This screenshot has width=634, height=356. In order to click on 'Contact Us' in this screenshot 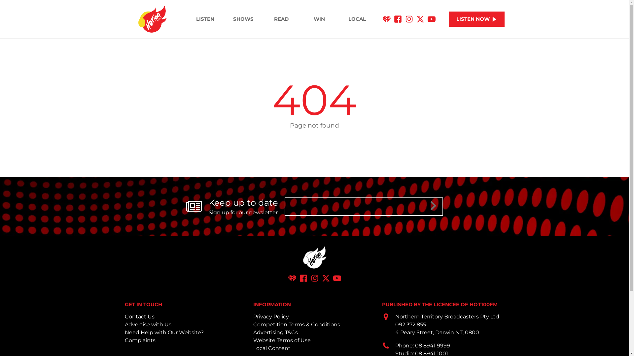, I will do `click(139, 316)`.